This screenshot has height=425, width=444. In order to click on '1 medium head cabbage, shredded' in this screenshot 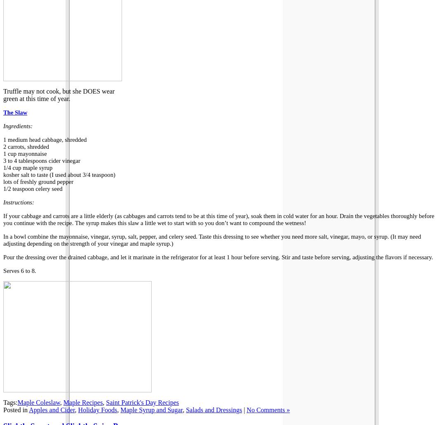, I will do `click(2, 139)`.